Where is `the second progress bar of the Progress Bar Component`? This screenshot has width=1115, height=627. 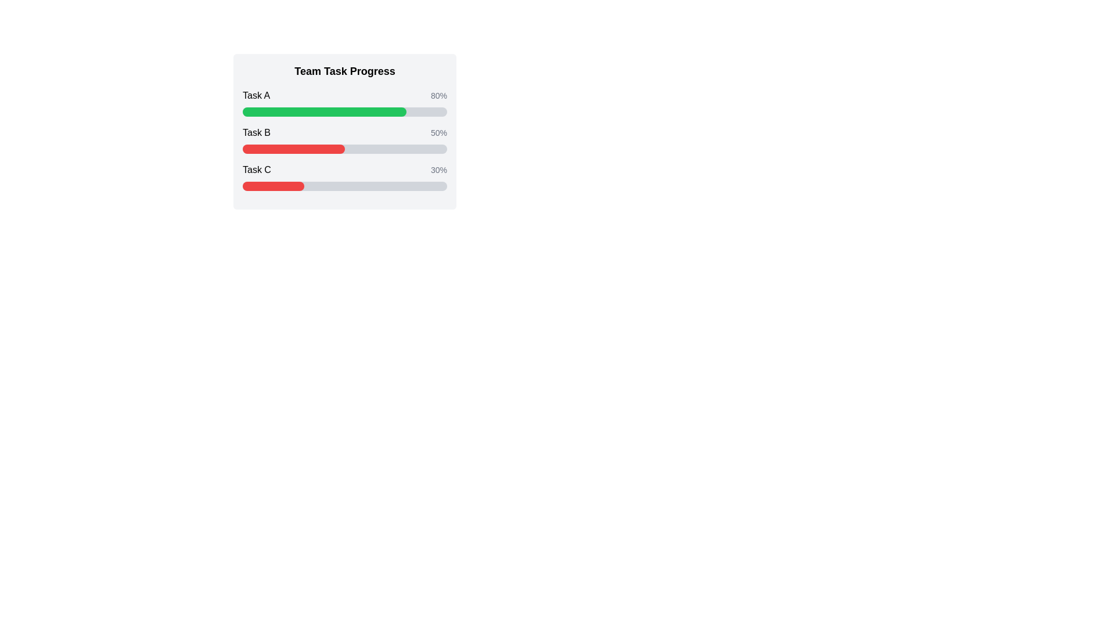
the second progress bar of the Progress Bar Component is located at coordinates (344, 131).